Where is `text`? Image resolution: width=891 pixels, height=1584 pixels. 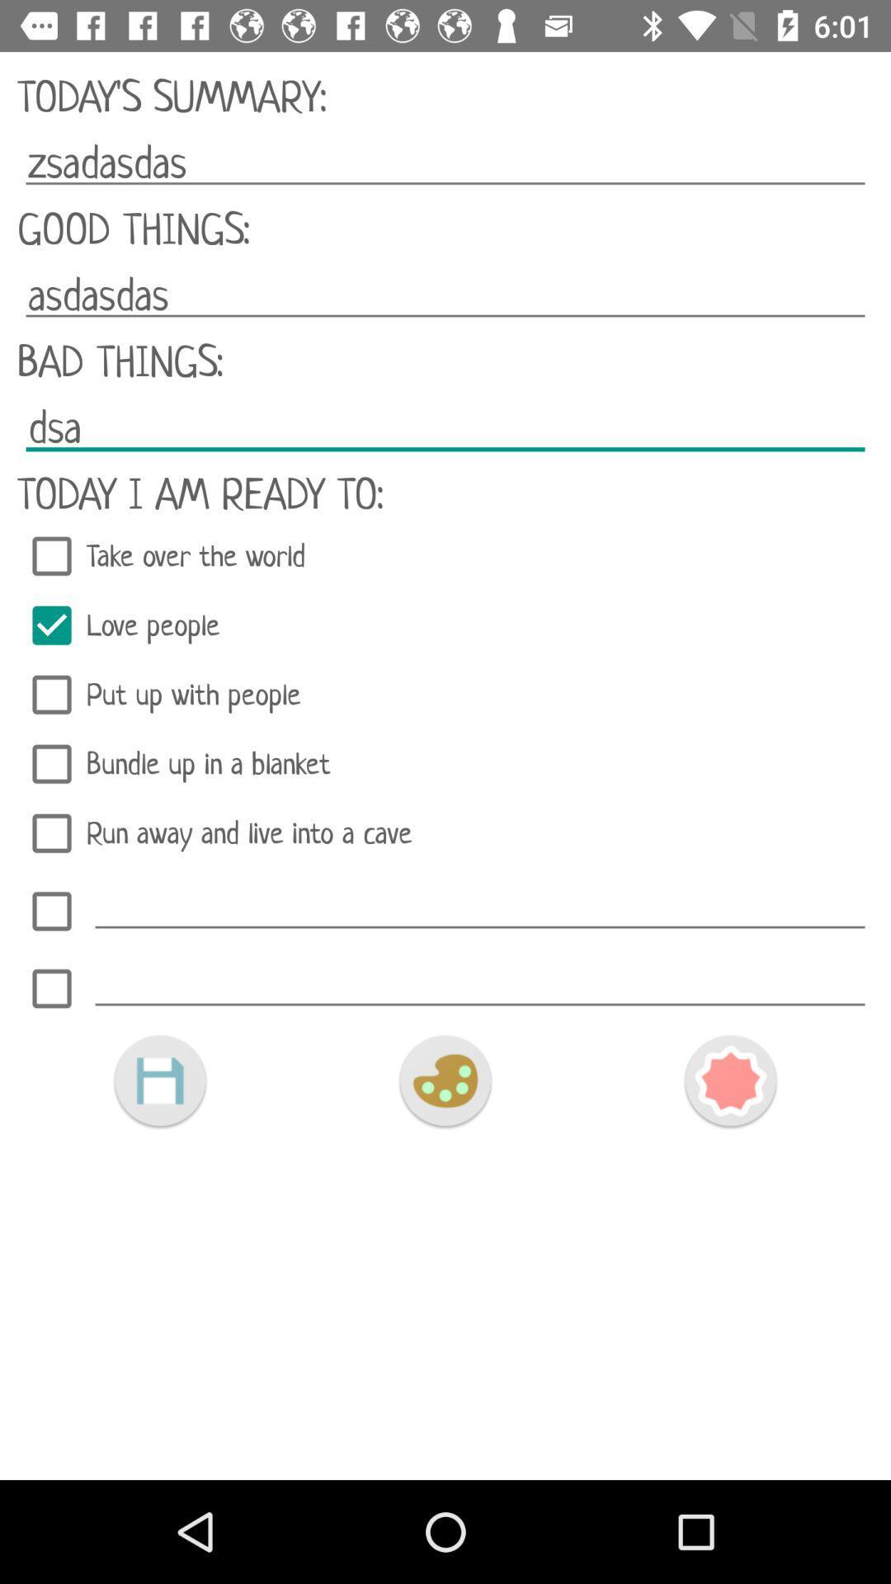 text is located at coordinates (480, 906).